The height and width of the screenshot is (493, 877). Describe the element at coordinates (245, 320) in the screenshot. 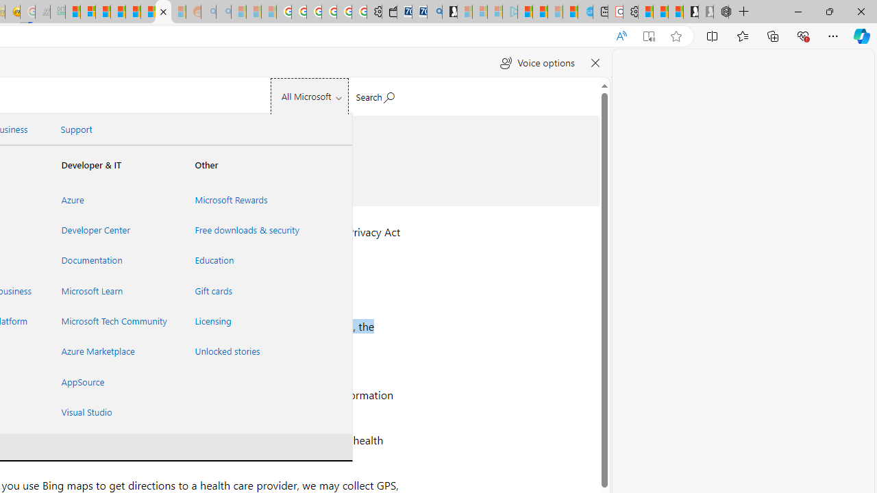

I see `'Licensing'` at that location.